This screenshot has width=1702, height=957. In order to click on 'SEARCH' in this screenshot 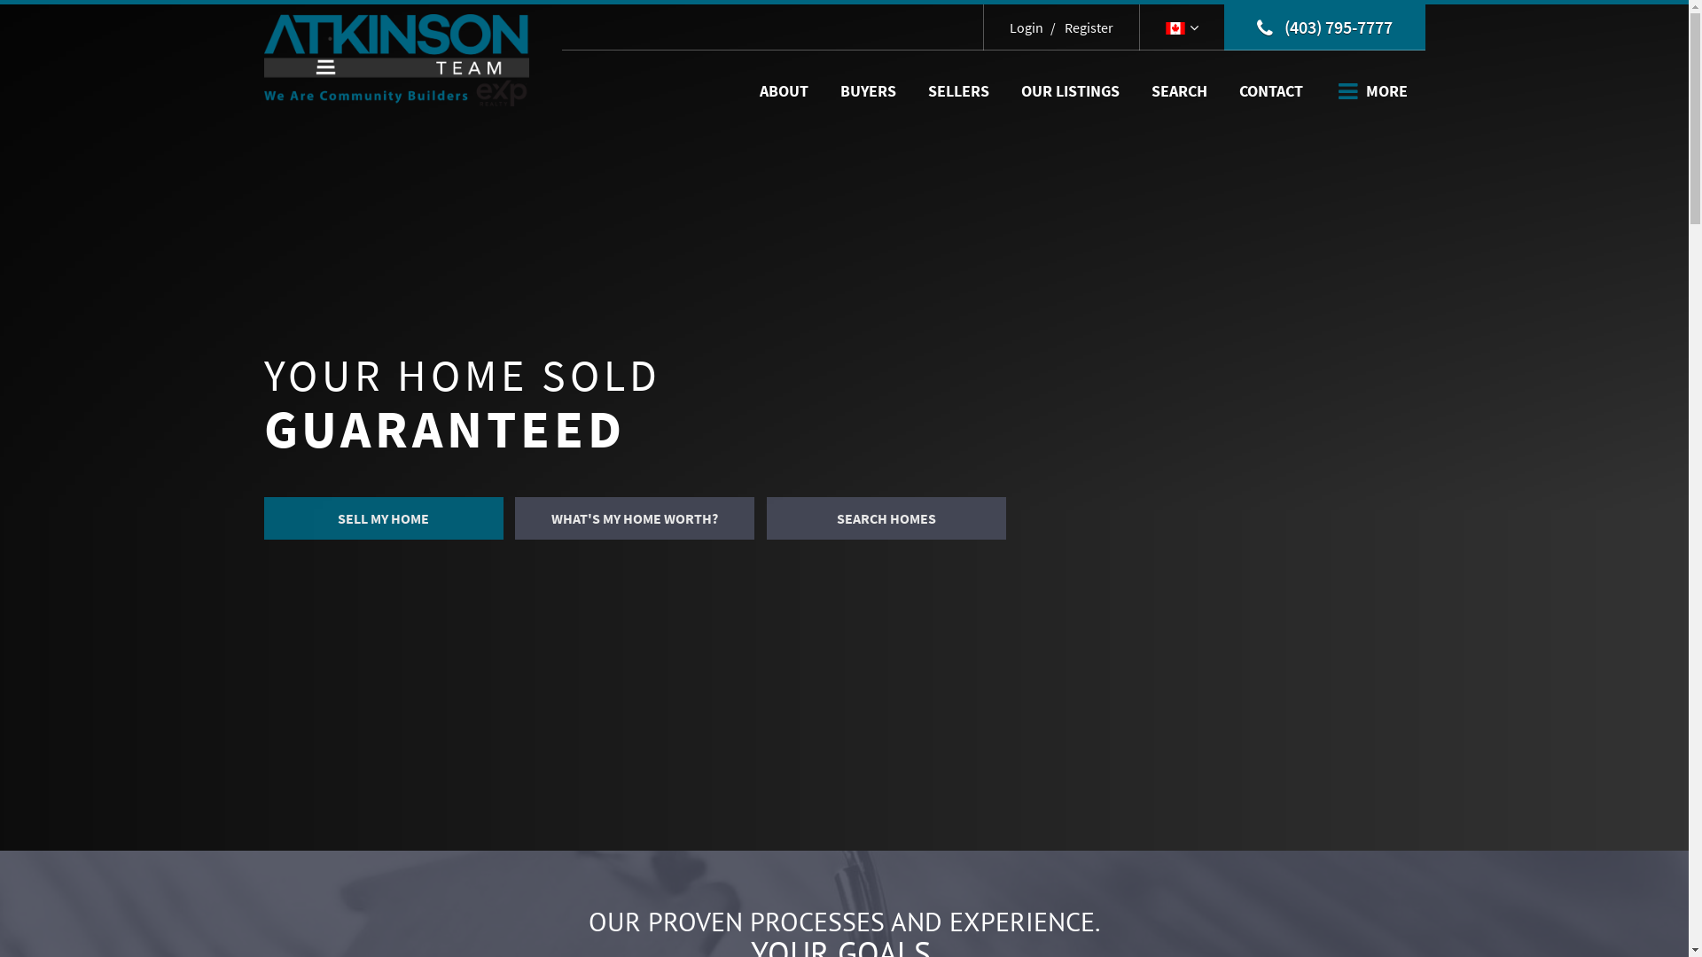, I will do `click(1178, 91)`.